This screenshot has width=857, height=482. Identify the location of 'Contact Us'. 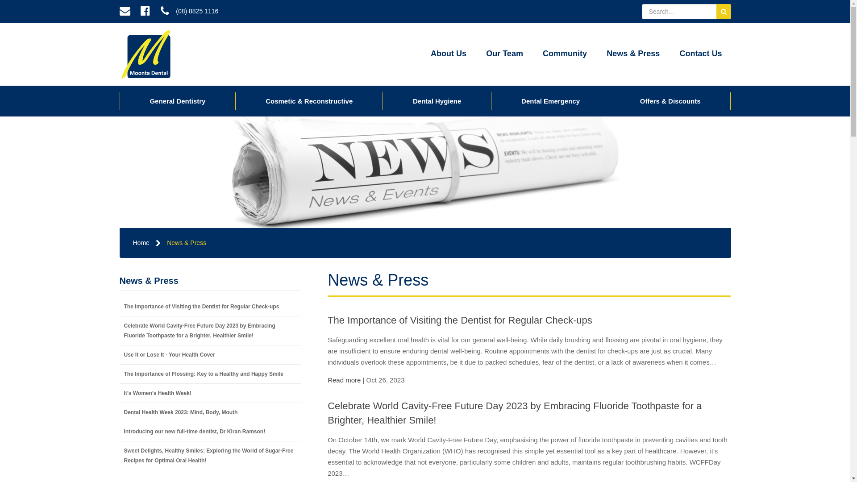
(700, 54).